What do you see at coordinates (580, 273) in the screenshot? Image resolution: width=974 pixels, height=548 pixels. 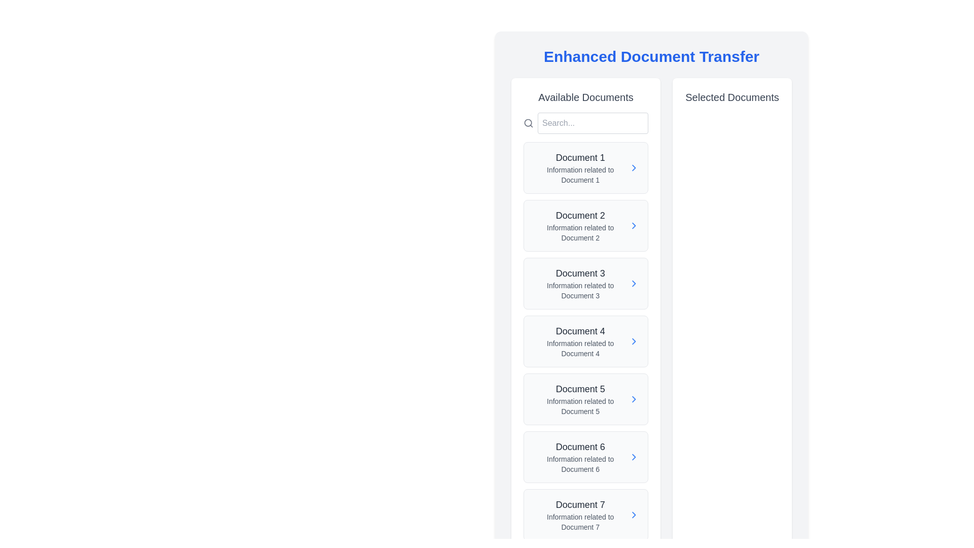 I see `the static text element labeled 'Document 3', which serves as a title within the document list under 'Available Documents' in the left-hand document selection panel` at bounding box center [580, 273].